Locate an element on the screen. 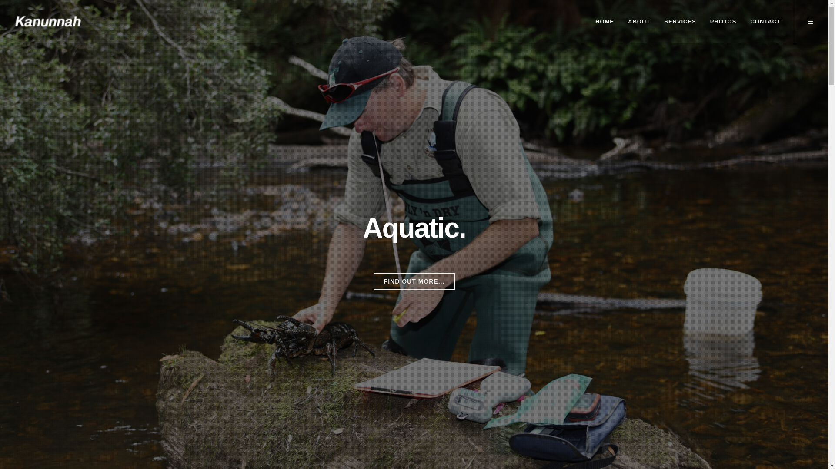  'SERVICES' is located at coordinates (680, 21).